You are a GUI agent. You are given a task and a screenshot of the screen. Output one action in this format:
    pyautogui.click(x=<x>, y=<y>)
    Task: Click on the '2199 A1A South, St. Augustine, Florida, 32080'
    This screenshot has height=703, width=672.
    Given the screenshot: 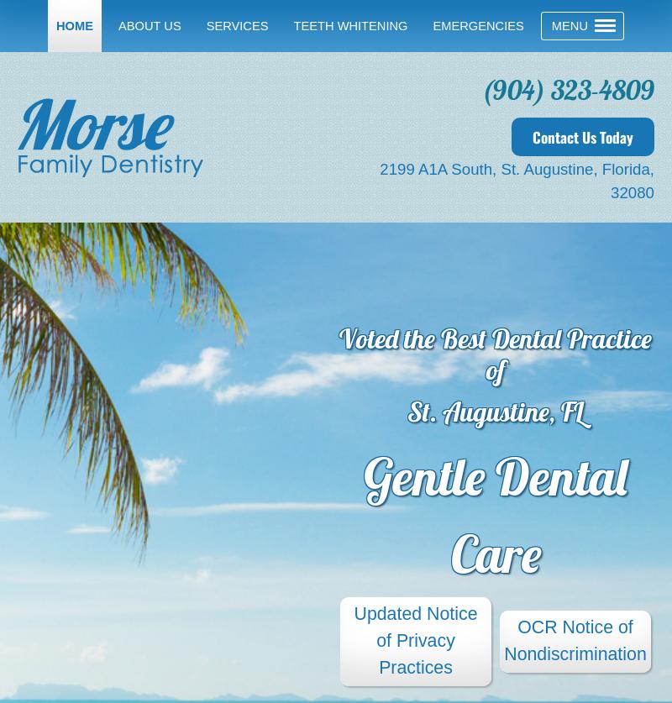 What is the action you would take?
    pyautogui.click(x=517, y=180)
    